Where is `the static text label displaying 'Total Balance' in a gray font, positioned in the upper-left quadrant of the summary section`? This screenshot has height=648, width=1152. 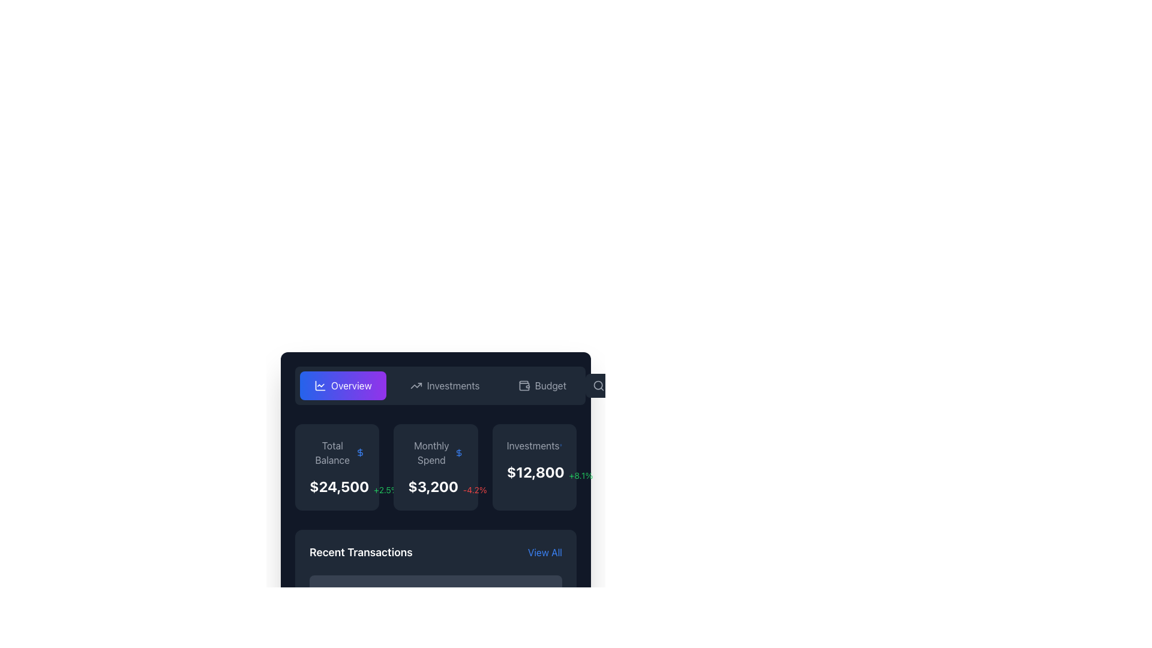
the static text label displaying 'Total Balance' in a gray font, positioned in the upper-left quadrant of the summary section is located at coordinates (332, 453).